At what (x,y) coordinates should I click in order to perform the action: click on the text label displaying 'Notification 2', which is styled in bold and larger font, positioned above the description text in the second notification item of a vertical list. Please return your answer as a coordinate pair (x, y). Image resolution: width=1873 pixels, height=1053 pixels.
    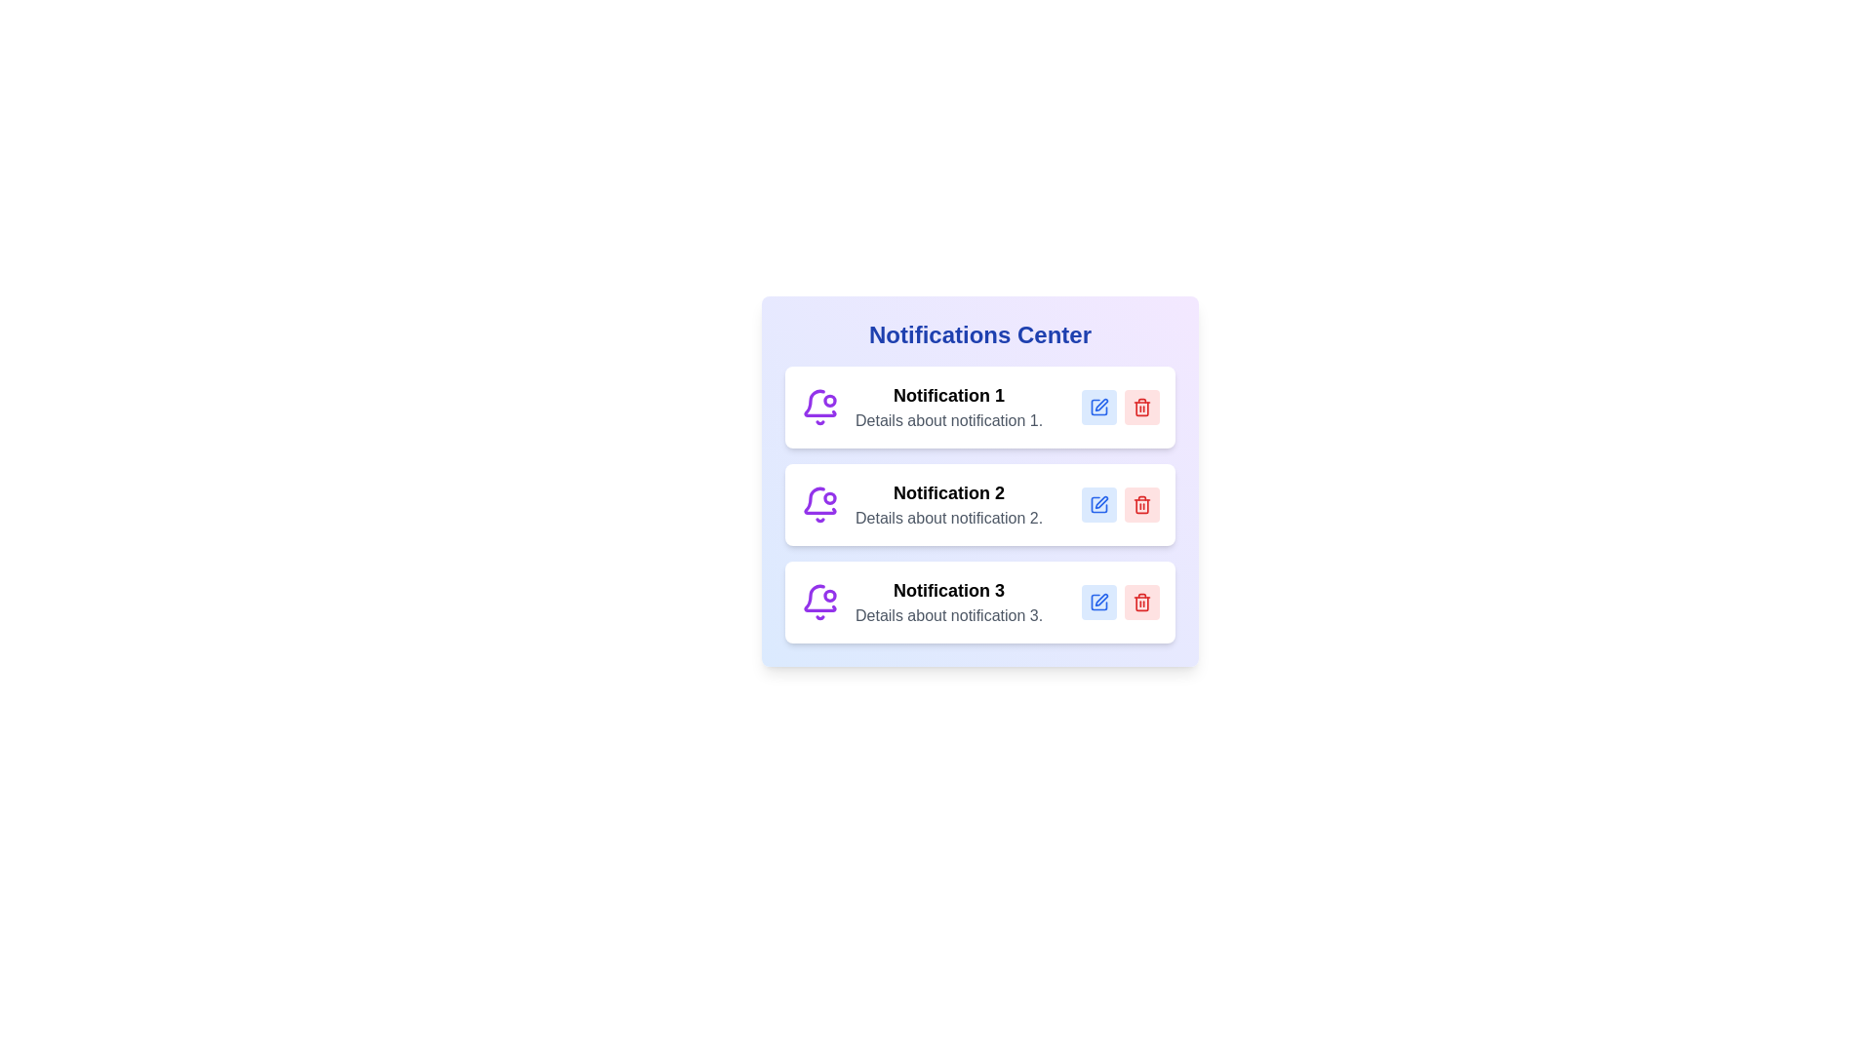
    Looking at the image, I should click on (949, 491).